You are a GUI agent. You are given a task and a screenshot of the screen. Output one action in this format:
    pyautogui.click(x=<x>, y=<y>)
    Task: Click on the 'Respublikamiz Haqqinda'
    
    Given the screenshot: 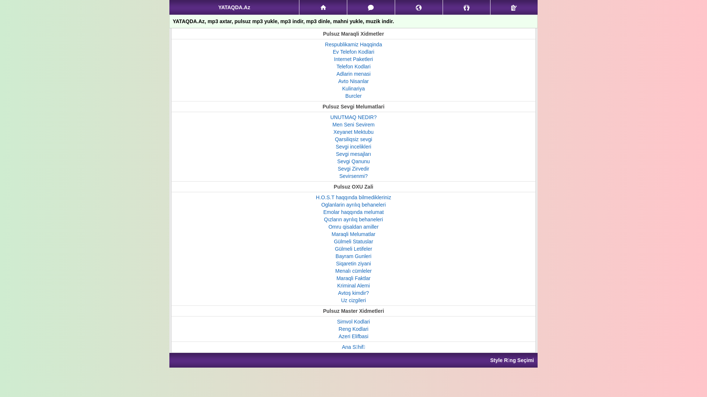 What is the action you would take?
    pyautogui.click(x=353, y=44)
    